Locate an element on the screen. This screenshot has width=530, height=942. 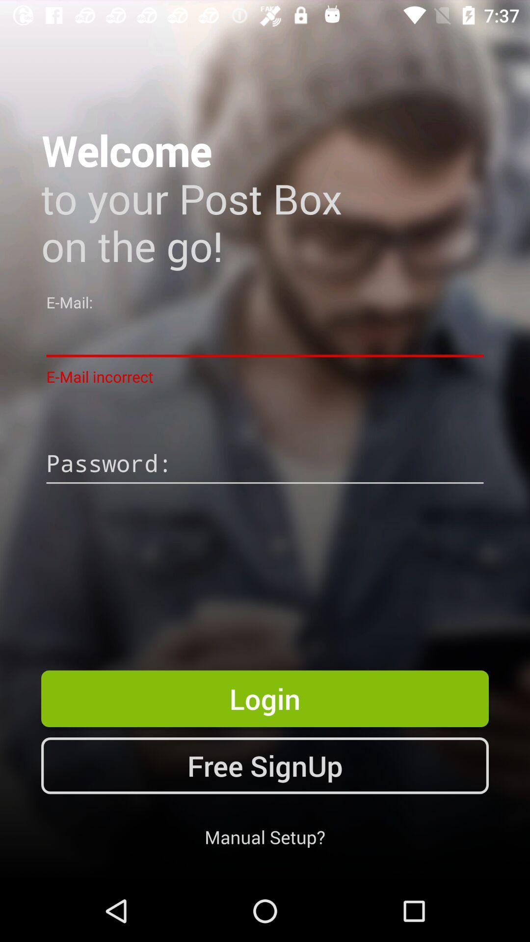
the app below the e-mail incorrect item is located at coordinates (265, 464).